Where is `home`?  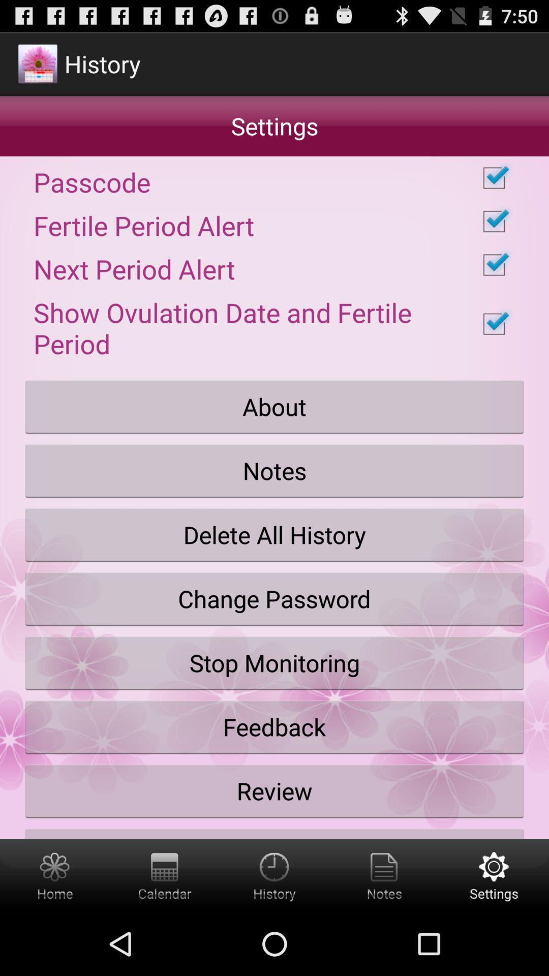
home is located at coordinates (55, 875).